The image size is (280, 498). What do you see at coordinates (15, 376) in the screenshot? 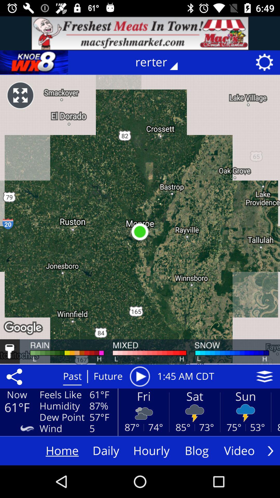
I see `the share icon` at bounding box center [15, 376].